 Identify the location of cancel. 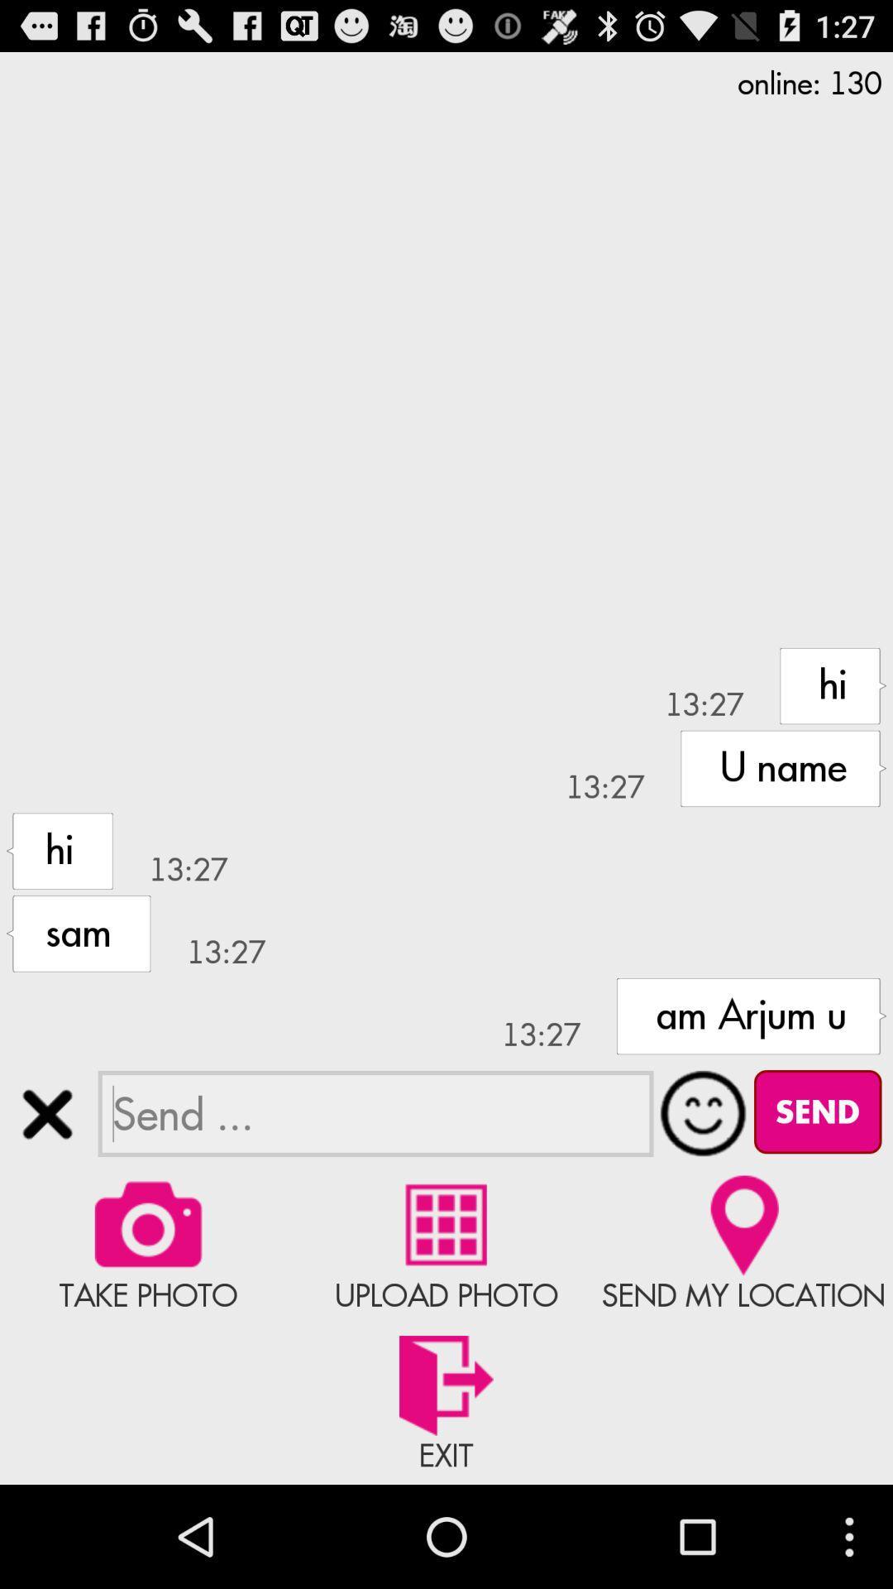
(46, 1114).